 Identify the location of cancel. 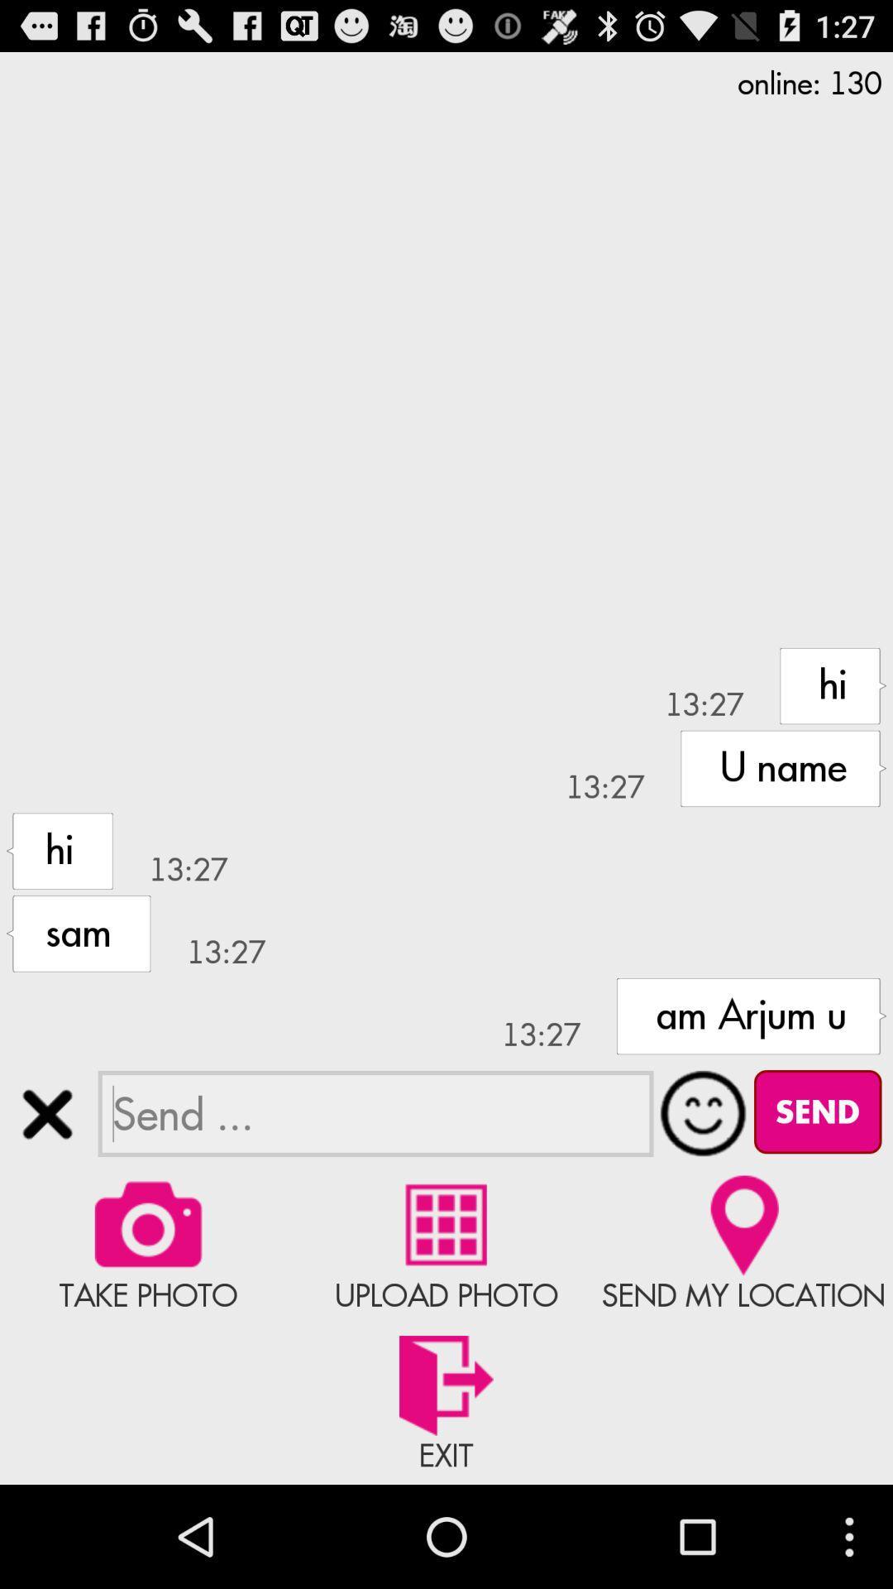
(46, 1114).